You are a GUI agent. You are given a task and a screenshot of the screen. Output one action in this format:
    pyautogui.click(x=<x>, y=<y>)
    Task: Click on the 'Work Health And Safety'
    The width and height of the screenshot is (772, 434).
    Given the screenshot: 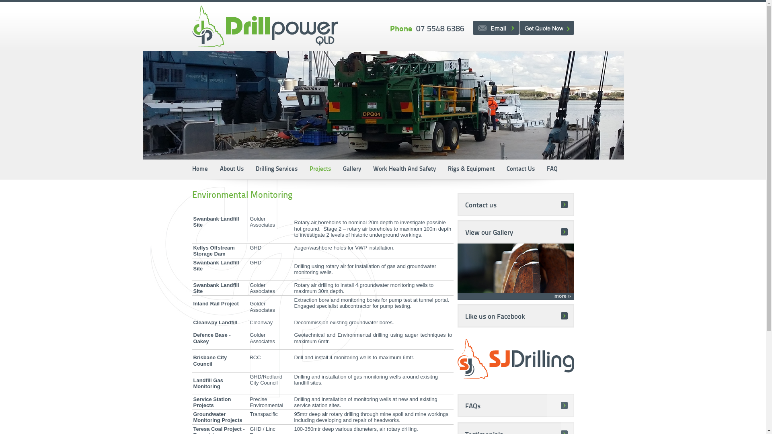 What is the action you would take?
    pyautogui.click(x=404, y=169)
    